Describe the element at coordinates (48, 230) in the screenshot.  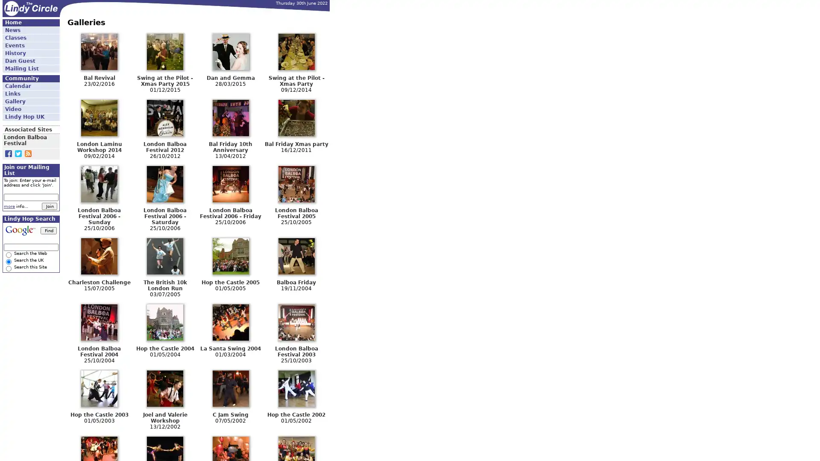
I see `Find` at that location.